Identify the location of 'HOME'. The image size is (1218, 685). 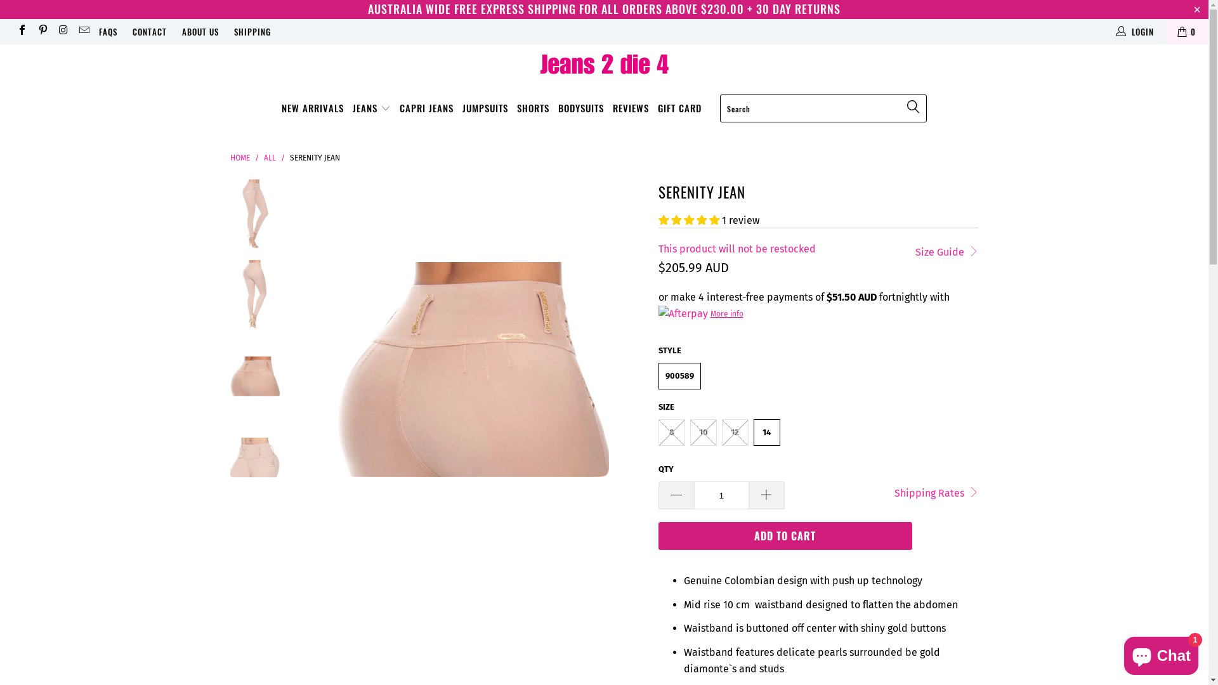
(239, 157).